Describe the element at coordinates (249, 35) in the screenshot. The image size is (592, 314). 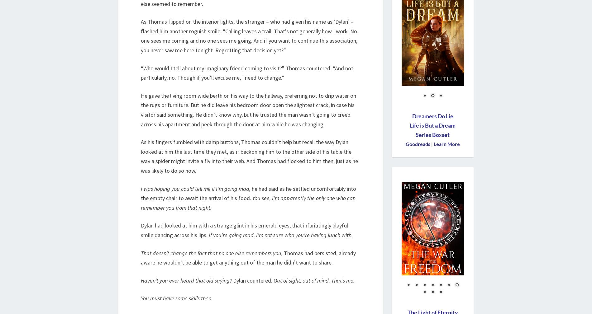
I see `'As Thomas flipped on the interior lights, the stranger – who had given his name as ‘Dylan’ –  flashed him another roguish smile. “Calling leaves a trail. That’s not generally how I work. No one sees me coming and no one sees me going. And if you want to continue this association, you never saw me here tonight. Regretting that decision yet?”'` at that location.